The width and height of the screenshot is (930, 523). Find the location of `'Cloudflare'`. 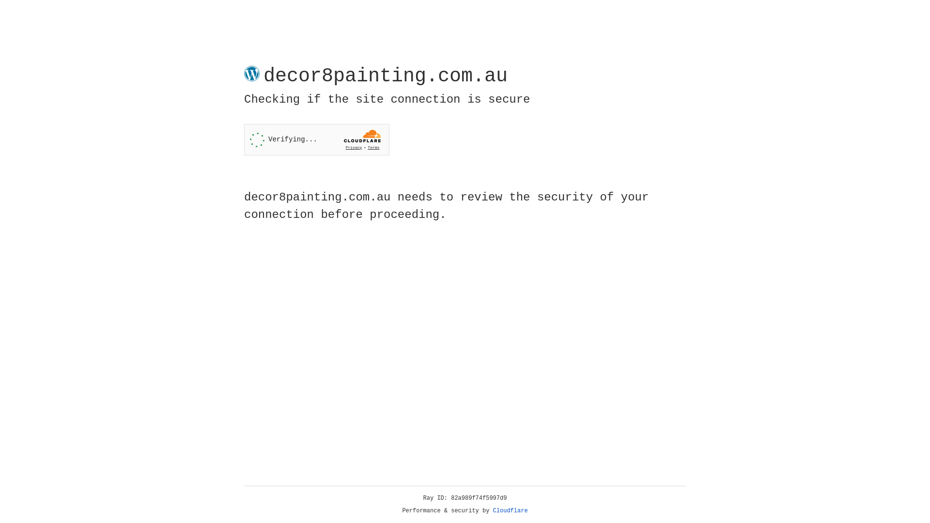

'Cloudflare' is located at coordinates (510, 510).